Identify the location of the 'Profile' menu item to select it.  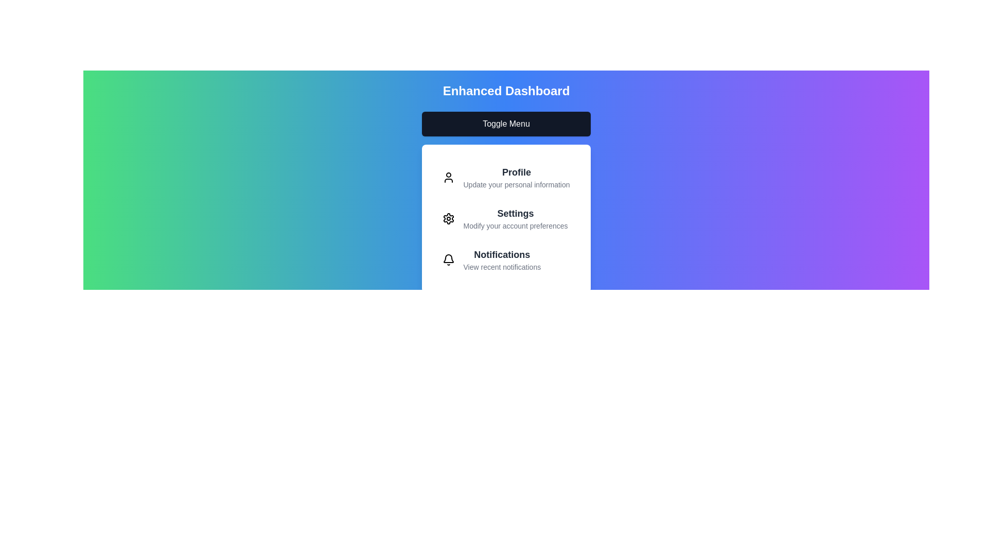
(506, 177).